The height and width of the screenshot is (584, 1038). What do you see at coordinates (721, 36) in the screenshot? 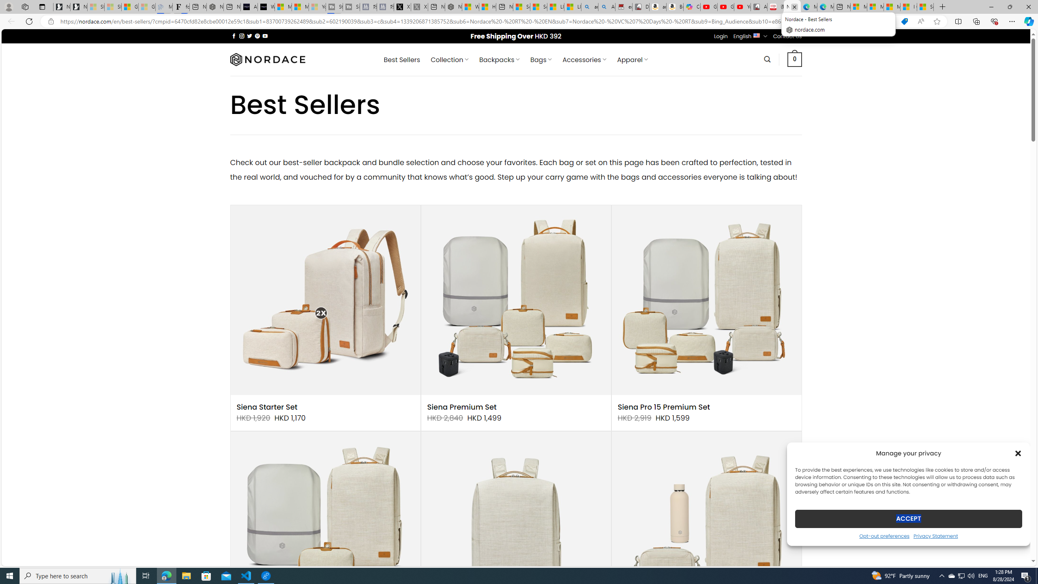
I see `'Login'` at bounding box center [721, 36].